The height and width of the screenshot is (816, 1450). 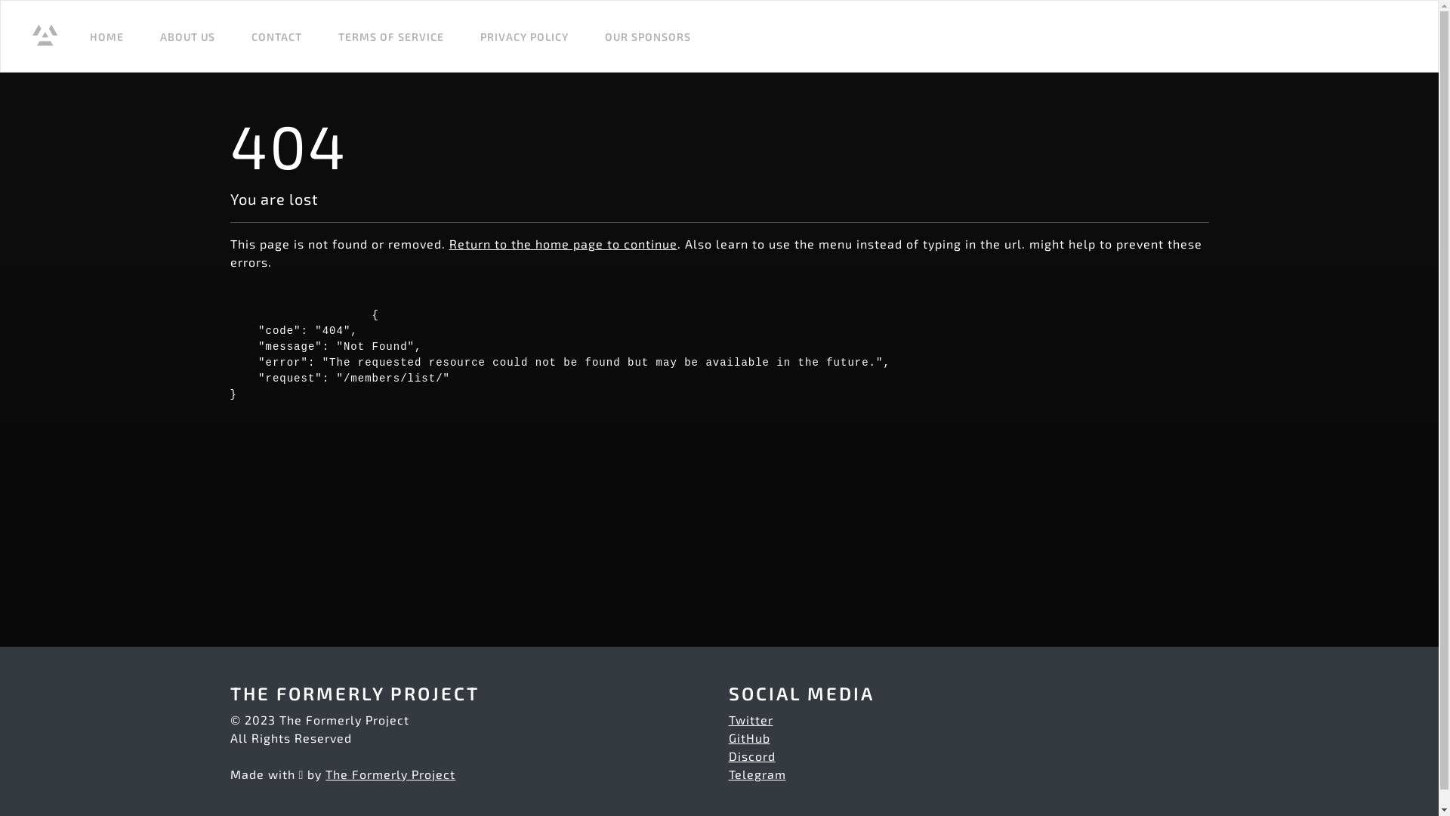 What do you see at coordinates (187, 35) in the screenshot?
I see `'ABOUT US'` at bounding box center [187, 35].